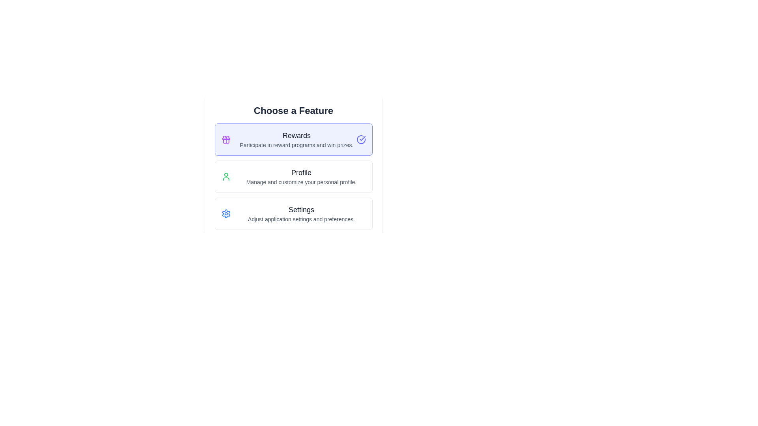 The height and width of the screenshot is (426, 758). I want to click on the text block that states 'Participate in reward programs and win prizes.' which is styled with a smaller font size and a gray color tone, located below the 'Rewards' header, so click(296, 145).